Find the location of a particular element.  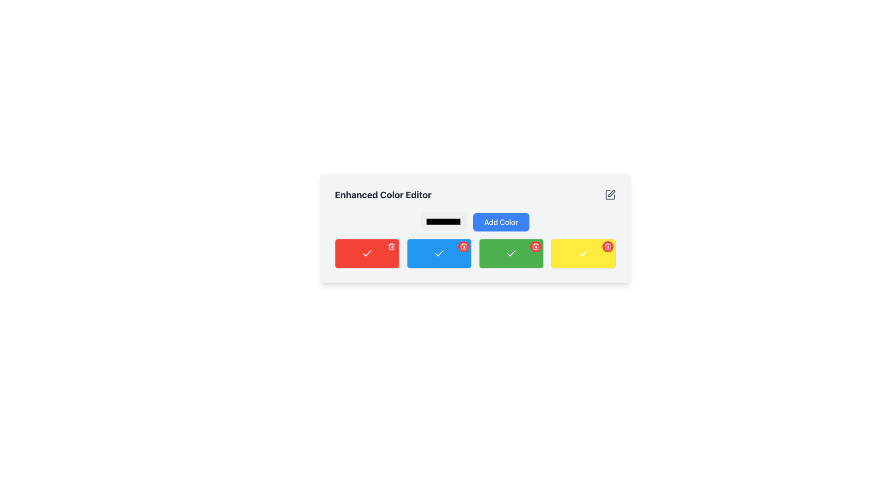

the white check mark icon centered within the yellow block in the fourth position from the left is located at coordinates (583, 253).